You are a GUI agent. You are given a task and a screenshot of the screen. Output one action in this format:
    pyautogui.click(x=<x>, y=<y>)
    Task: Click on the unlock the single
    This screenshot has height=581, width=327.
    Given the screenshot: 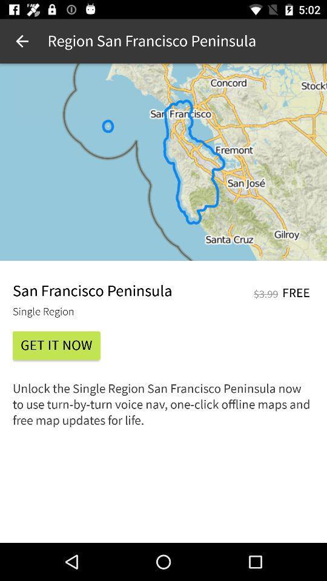 What is the action you would take?
    pyautogui.click(x=163, y=409)
    